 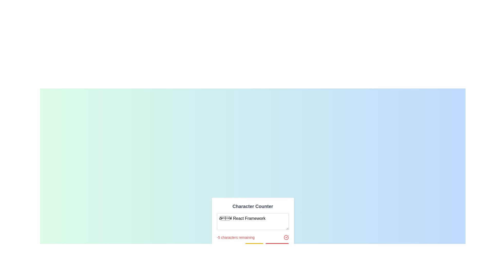 I want to click on the 'Delete' button, which is a red button with white text and a trash bin icon, to observe any hover effects, so click(x=277, y=247).